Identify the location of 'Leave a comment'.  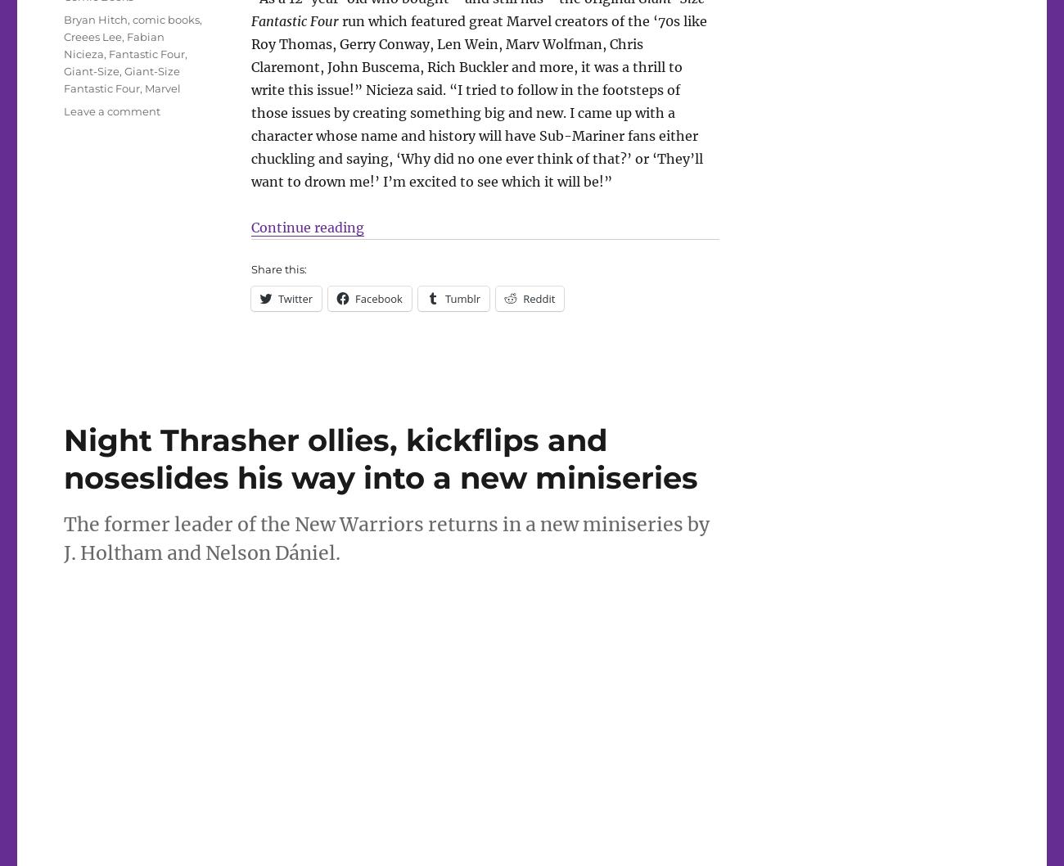
(111, 110).